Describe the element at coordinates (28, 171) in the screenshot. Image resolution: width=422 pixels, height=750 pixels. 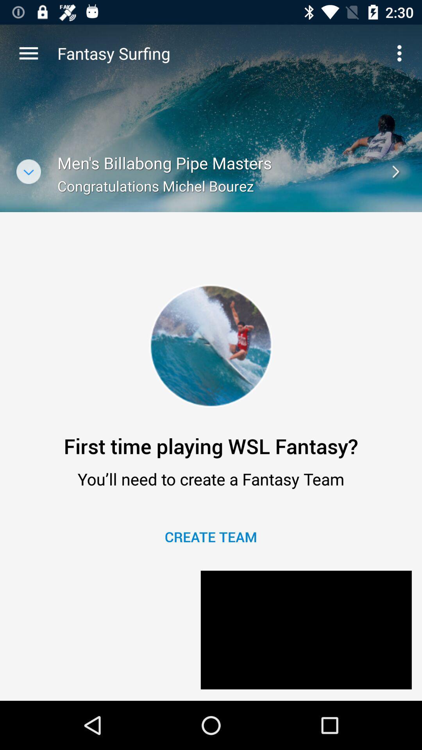
I see `open list` at that location.